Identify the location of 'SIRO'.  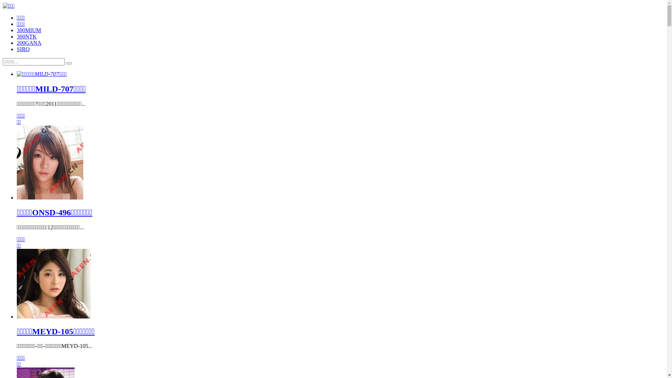
(23, 49).